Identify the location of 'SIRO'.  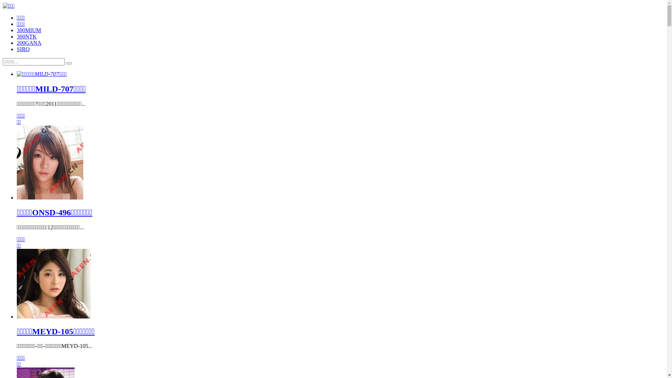
(23, 49).